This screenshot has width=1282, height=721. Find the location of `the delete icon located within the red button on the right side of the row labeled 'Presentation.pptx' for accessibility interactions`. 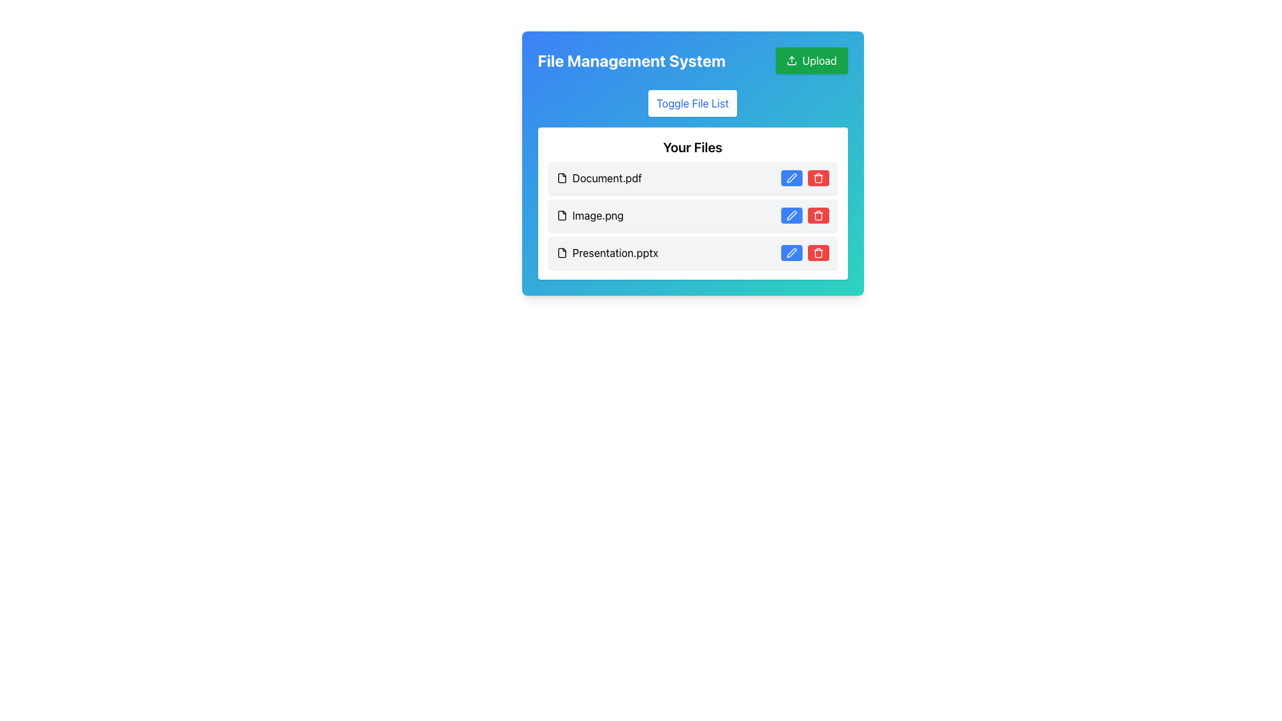

the delete icon located within the red button on the right side of the row labeled 'Presentation.pptx' for accessibility interactions is located at coordinates (817, 177).